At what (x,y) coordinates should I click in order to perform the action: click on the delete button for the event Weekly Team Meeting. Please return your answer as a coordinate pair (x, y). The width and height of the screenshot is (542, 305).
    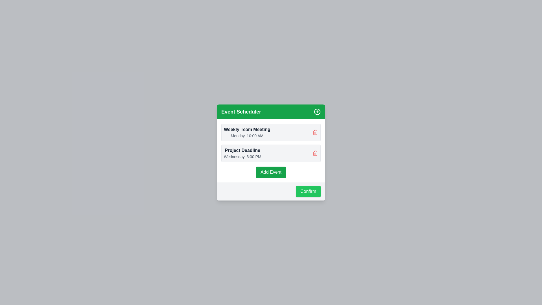
    Looking at the image, I should click on (315, 132).